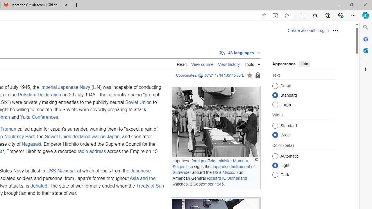  I want to click on 'Read', so click(181, 64).